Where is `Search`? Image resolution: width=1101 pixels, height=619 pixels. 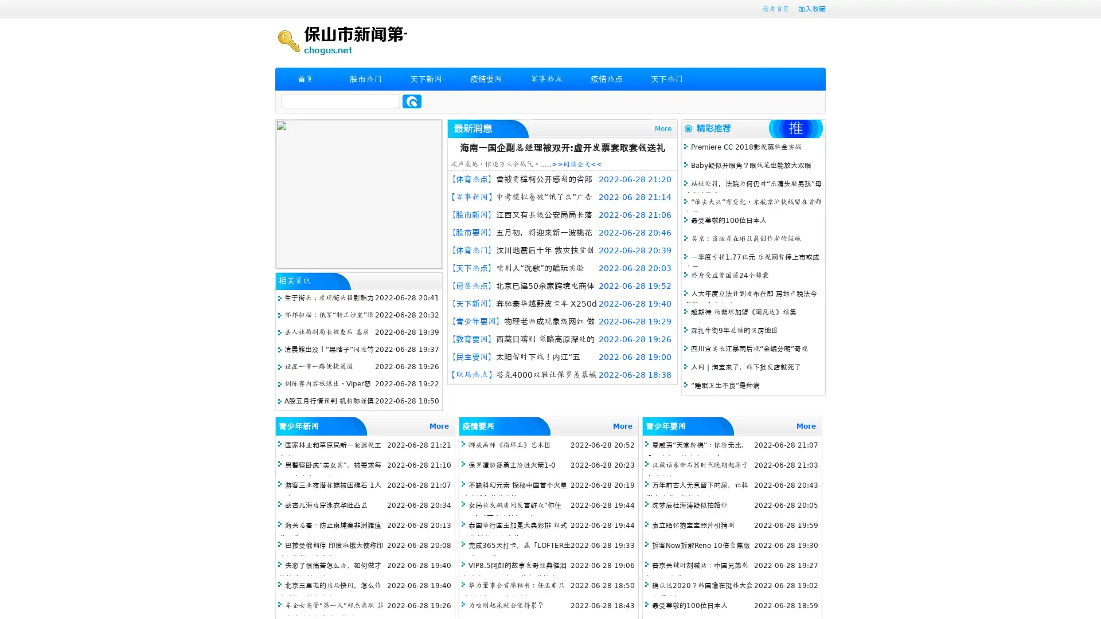
Search is located at coordinates (412, 101).